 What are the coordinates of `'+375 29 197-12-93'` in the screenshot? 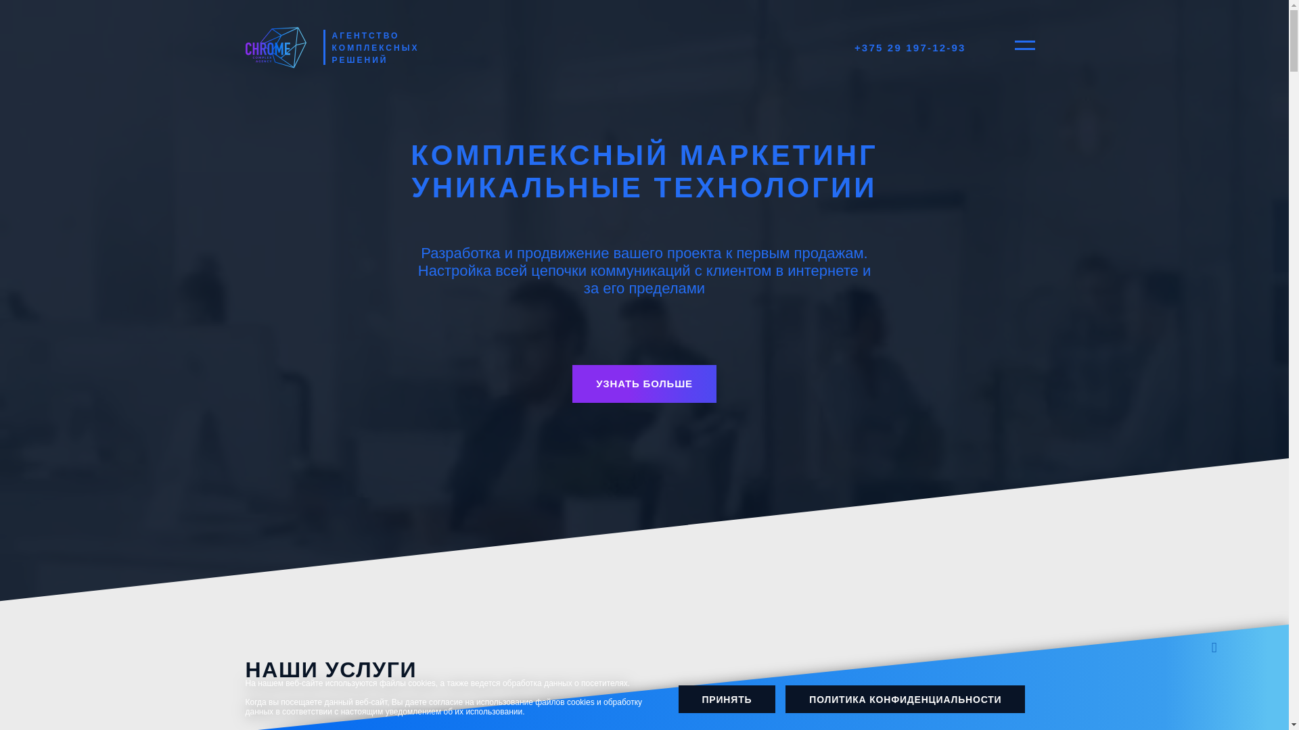 It's located at (910, 47).